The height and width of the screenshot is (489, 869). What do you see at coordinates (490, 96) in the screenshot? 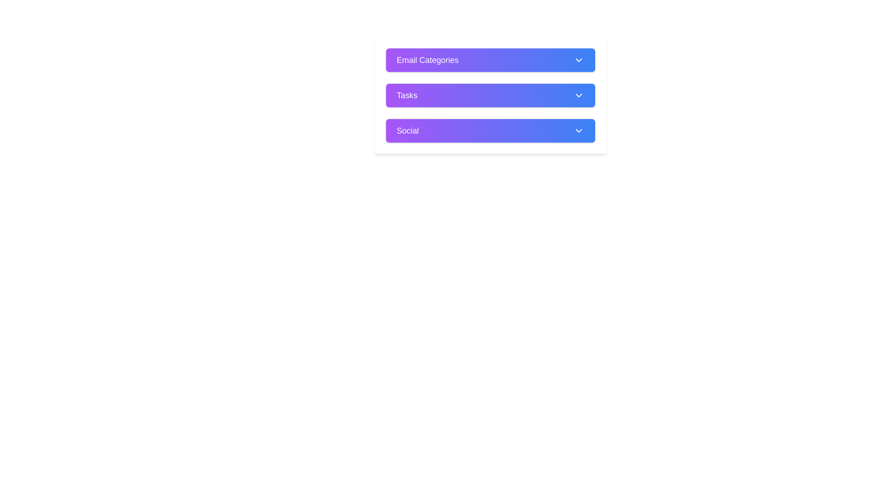
I see `the 'Tasks' button, which is the second item in a vertical list of buttons` at bounding box center [490, 96].